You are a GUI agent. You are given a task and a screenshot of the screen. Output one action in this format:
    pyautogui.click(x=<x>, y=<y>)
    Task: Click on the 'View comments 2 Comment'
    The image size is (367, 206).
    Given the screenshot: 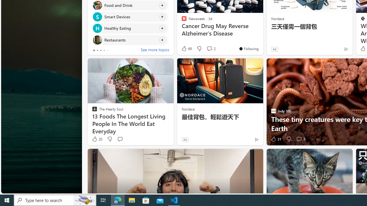 What is the action you would take?
    pyautogui.click(x=209, y=48)
    